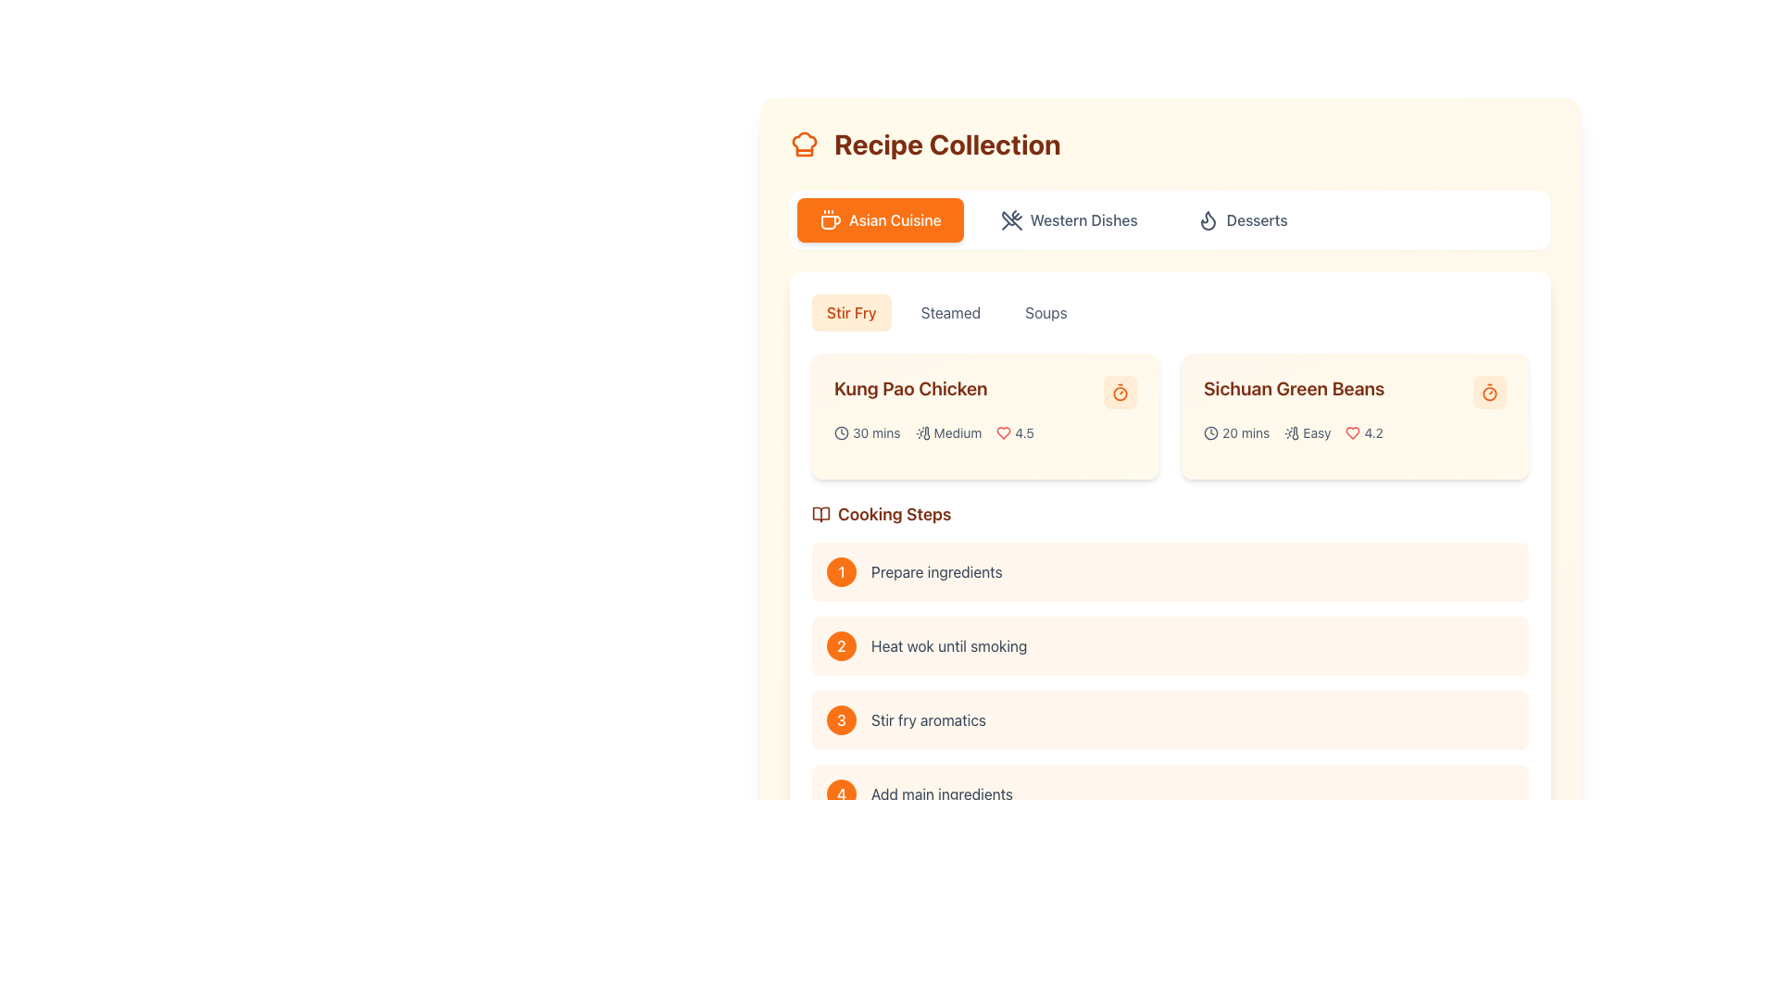 This screenshot has width=1778, height=1000. Describe the element at coordinates (840, 432) in the screenshot. I see `the clock icon component indicating time-related information for the 'Kung Pao Chicken' card located at the top-right corner` at that location.